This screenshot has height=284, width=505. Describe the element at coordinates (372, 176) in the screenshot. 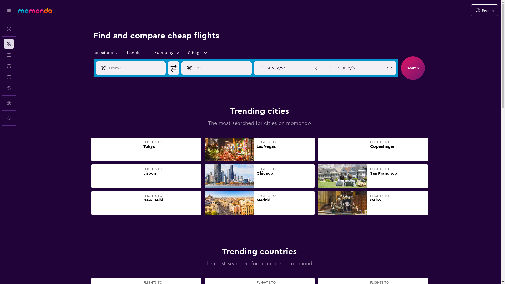

I see `'FLIGHTS TO` at that location.